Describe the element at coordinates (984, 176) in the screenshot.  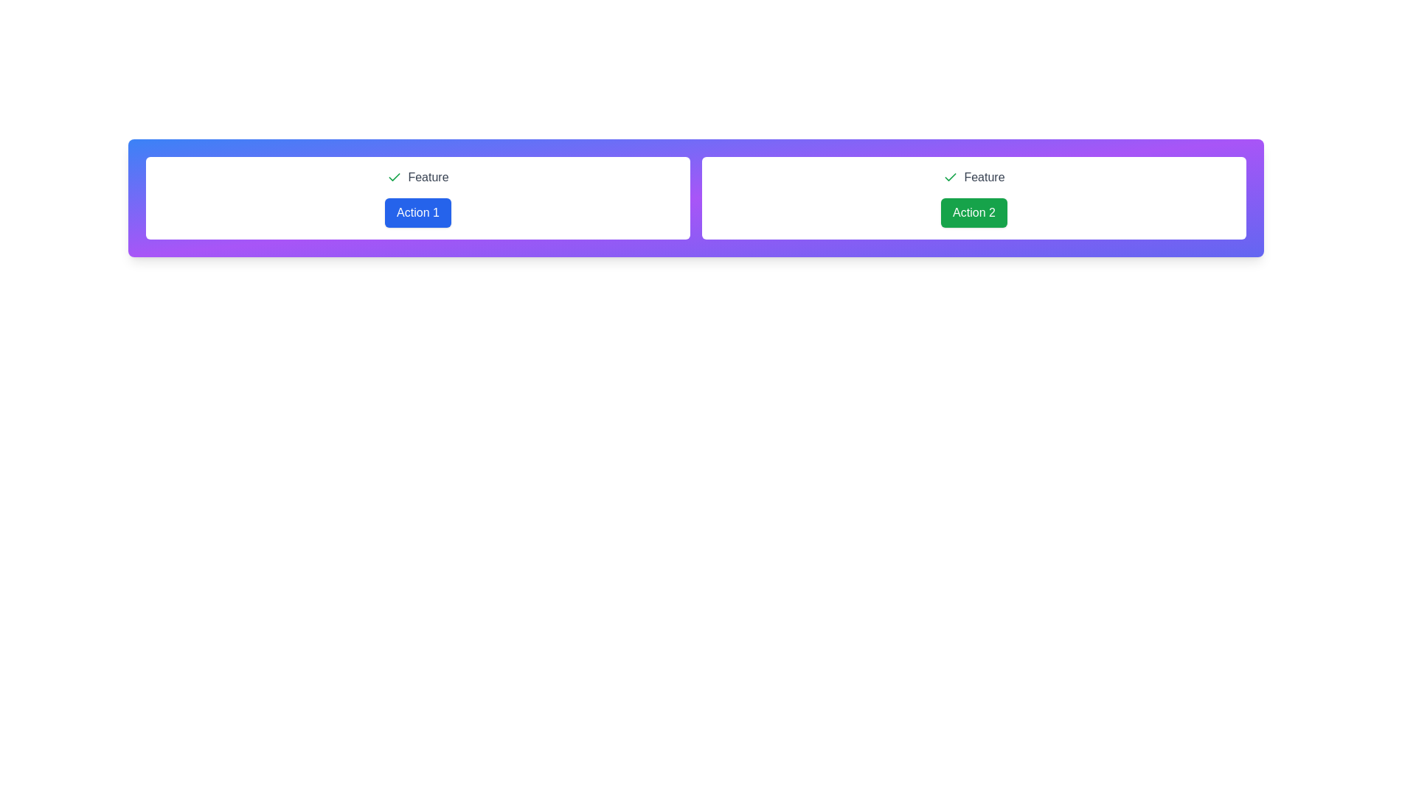
I see `the text label displaying 'Feature', which is styled in darker gray and positioned next to a green checkmark icon, indicating an active state` at that location.